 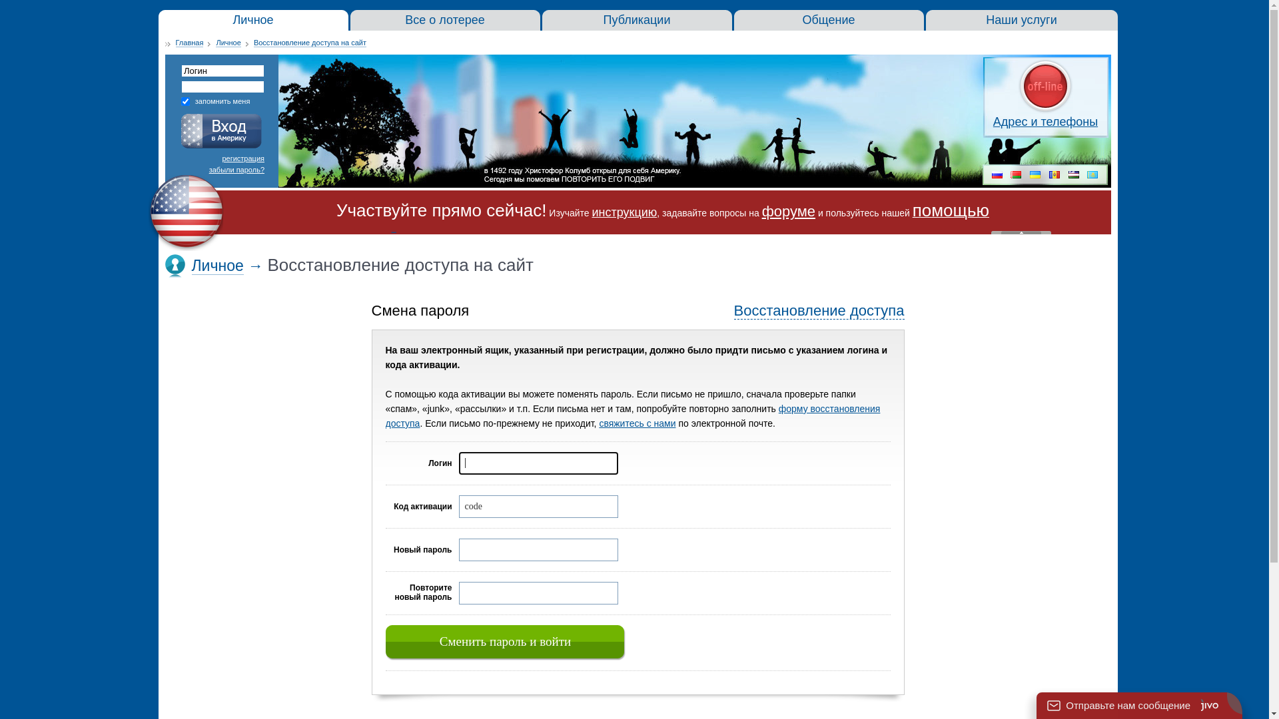 I want to click on 'ua', so click(x=1035, y=175).